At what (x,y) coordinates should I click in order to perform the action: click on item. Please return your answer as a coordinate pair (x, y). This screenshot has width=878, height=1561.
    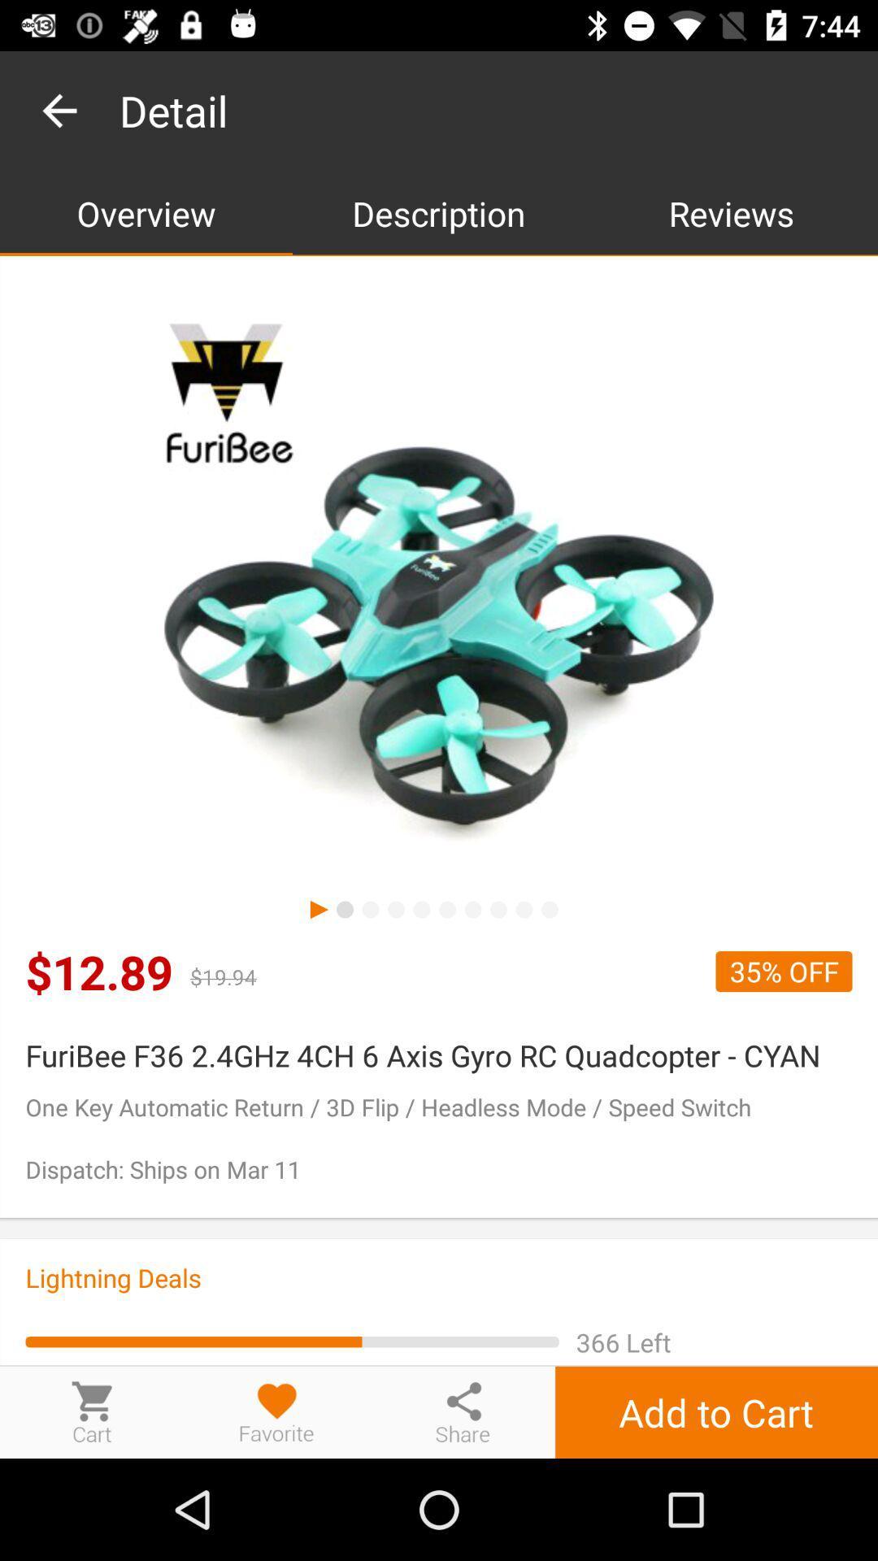
    Looking at the image, I should click on (276, 1411).